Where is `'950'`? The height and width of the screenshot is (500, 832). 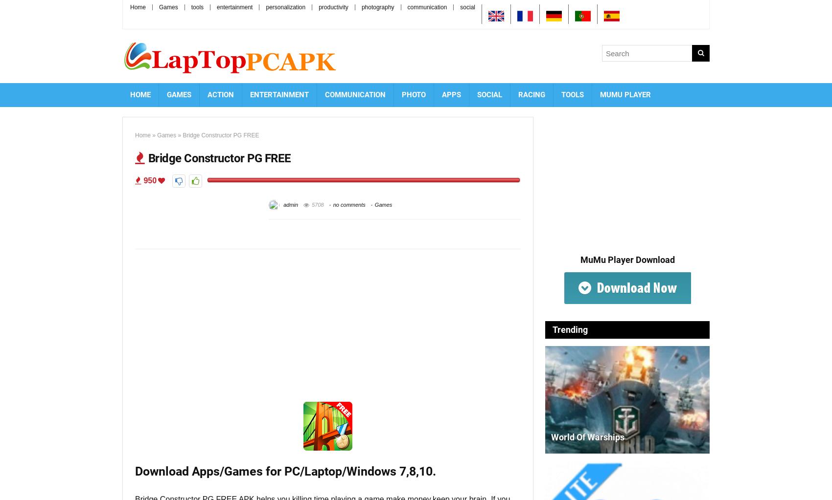
'950' is located at coordinates (149, 180).